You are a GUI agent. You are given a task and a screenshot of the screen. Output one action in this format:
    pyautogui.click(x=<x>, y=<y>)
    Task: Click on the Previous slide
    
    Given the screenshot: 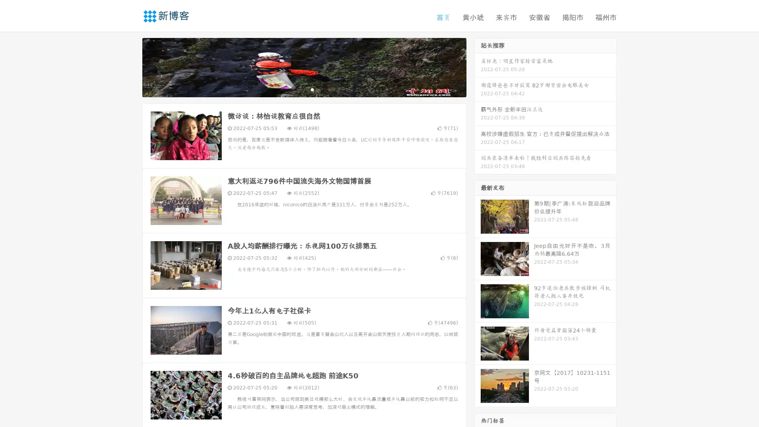 What is the action you would take?
    pyautogui.click(x=130, y=66)
    